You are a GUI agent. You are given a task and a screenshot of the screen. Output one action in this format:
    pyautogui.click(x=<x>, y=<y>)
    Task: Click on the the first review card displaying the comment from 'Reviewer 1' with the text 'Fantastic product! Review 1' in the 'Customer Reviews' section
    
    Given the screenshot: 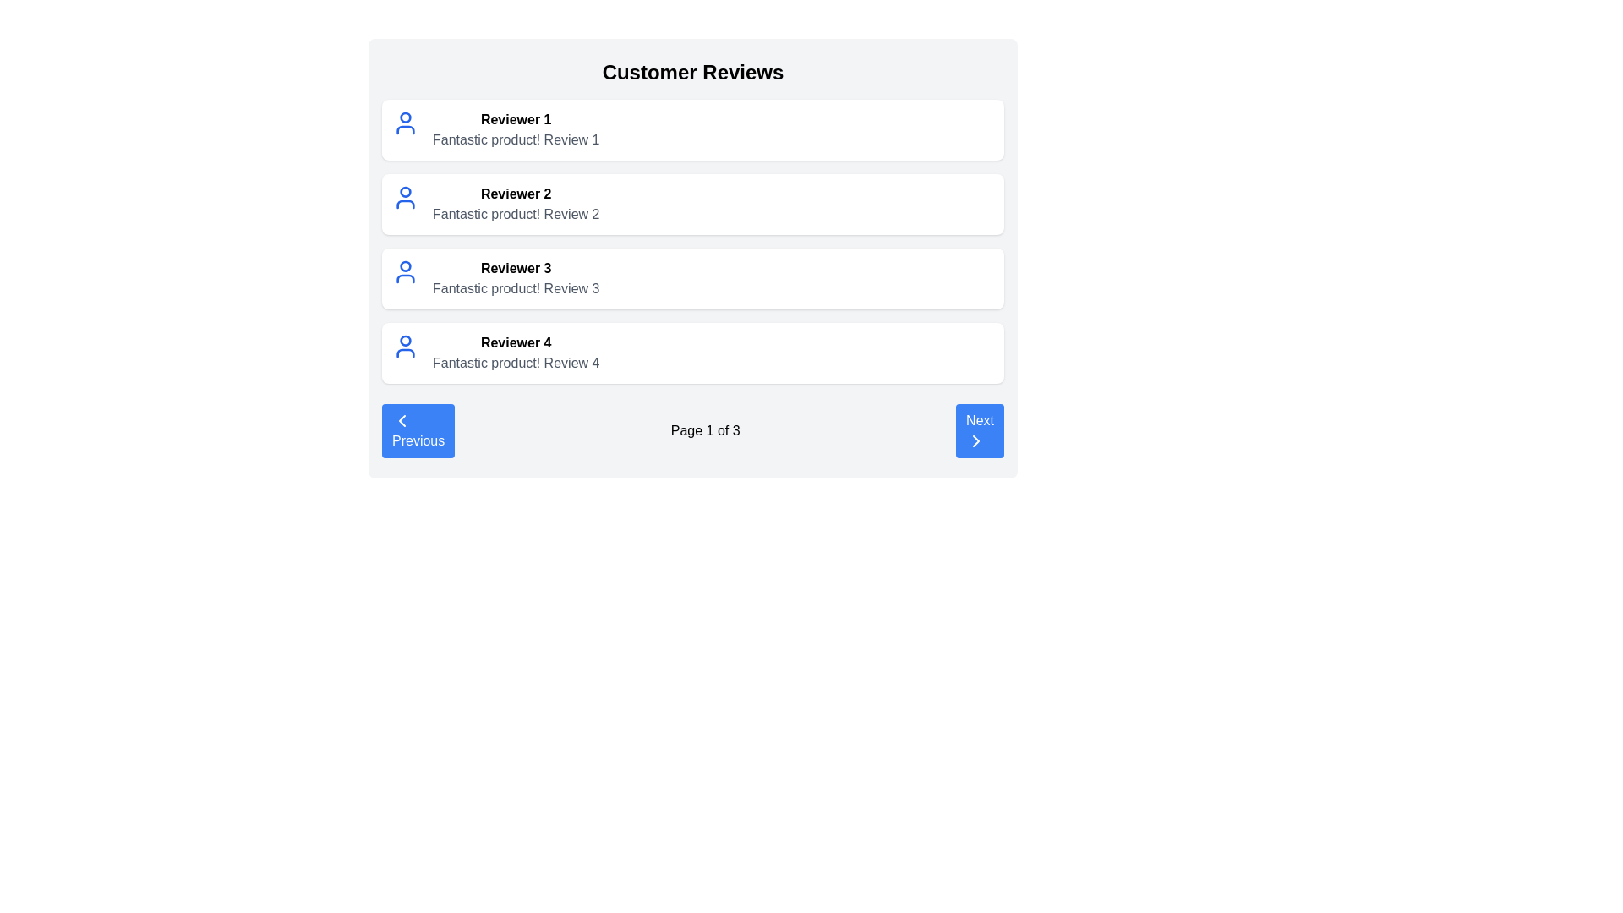 What is the action you would take?
    pyautogui.click(x=515, y=129)
    